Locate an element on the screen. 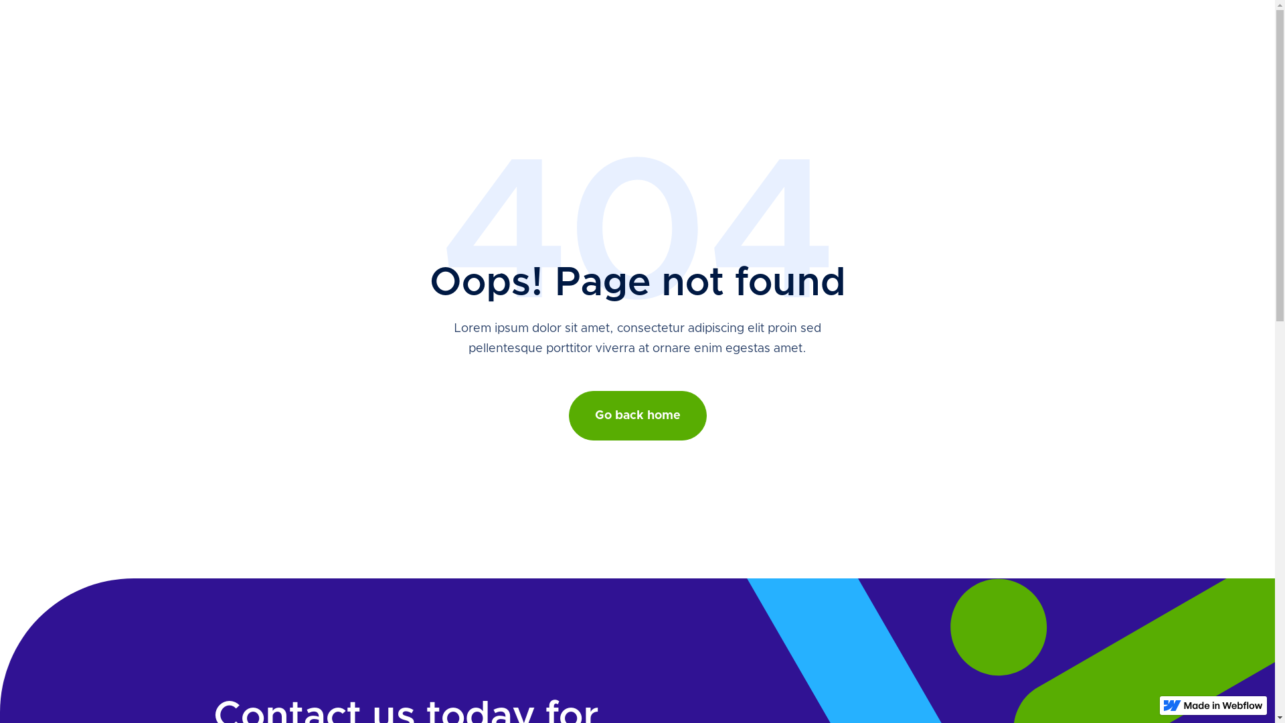 The height and width of the screenshot is (723, 1285). 'Go back home' is located at coordinates (568, 415).